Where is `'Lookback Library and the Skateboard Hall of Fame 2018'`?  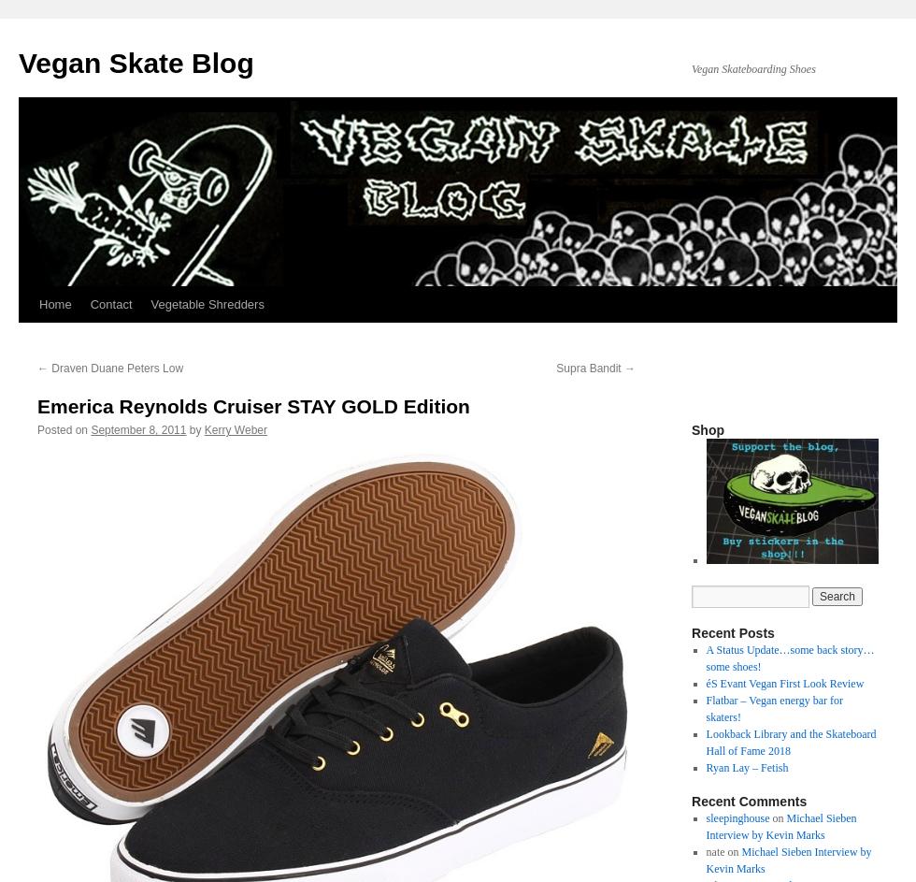
'Lookback Library and the Skateboard Hall of Fame 2018' is located at coordinates (705, 742).